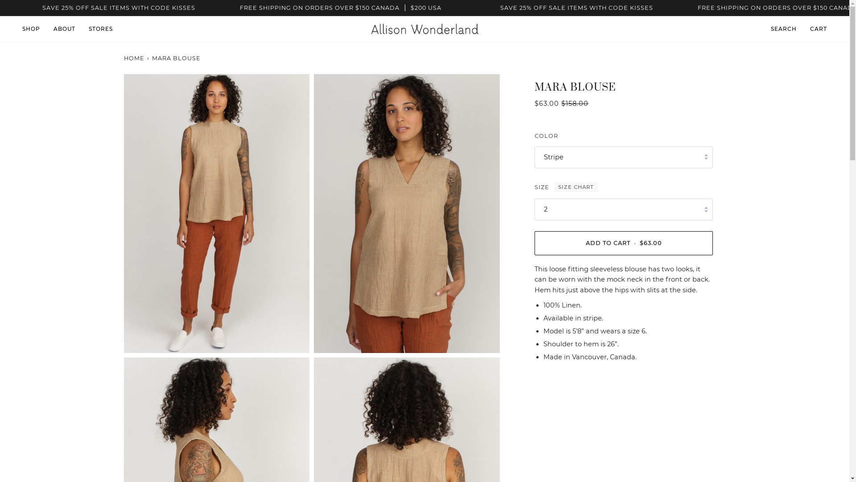 Image resolution: width=856 pixels, height=482 pixels. Describe the element at coordinates (623, 157) in the screenshot. I see `'Stripe'` at that location.